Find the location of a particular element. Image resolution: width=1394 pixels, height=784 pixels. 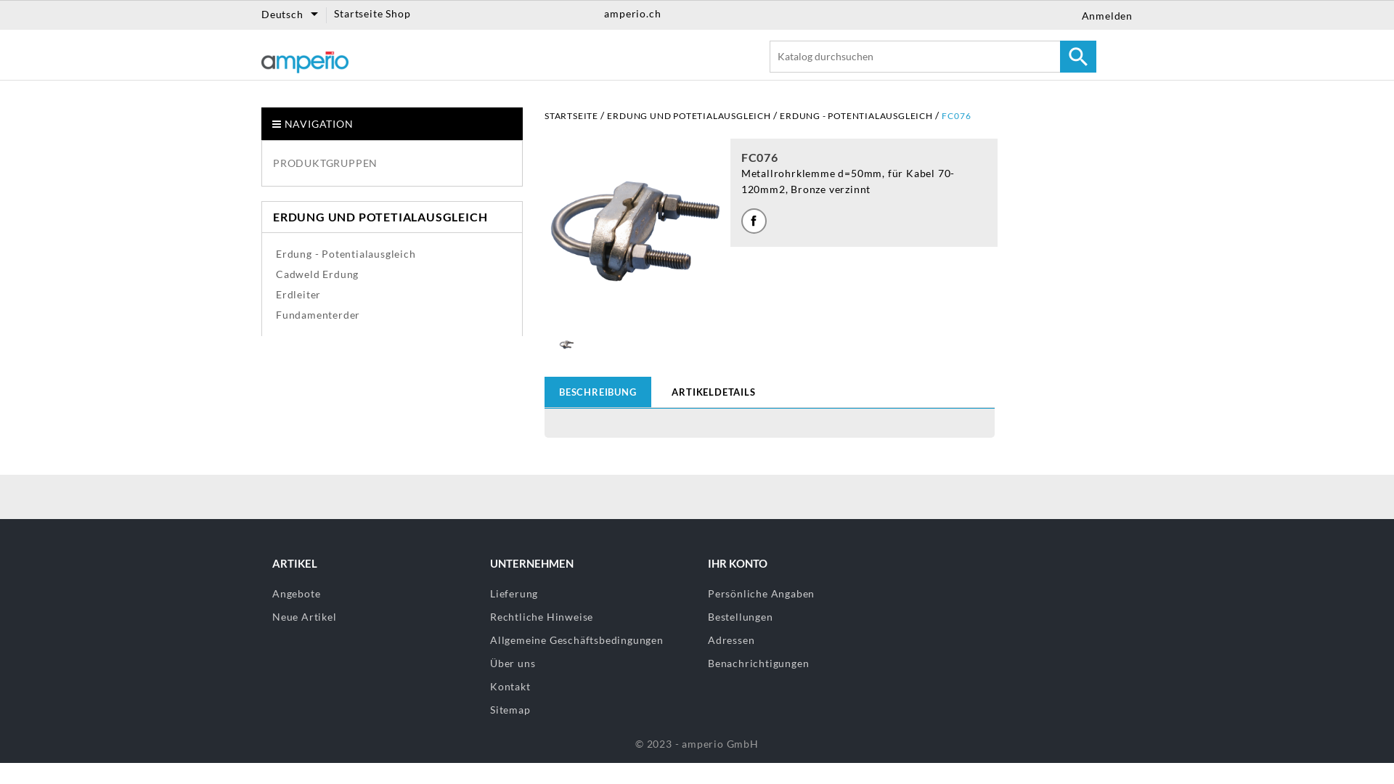

'Fundamenterder' is located at coordinates (317, 314).